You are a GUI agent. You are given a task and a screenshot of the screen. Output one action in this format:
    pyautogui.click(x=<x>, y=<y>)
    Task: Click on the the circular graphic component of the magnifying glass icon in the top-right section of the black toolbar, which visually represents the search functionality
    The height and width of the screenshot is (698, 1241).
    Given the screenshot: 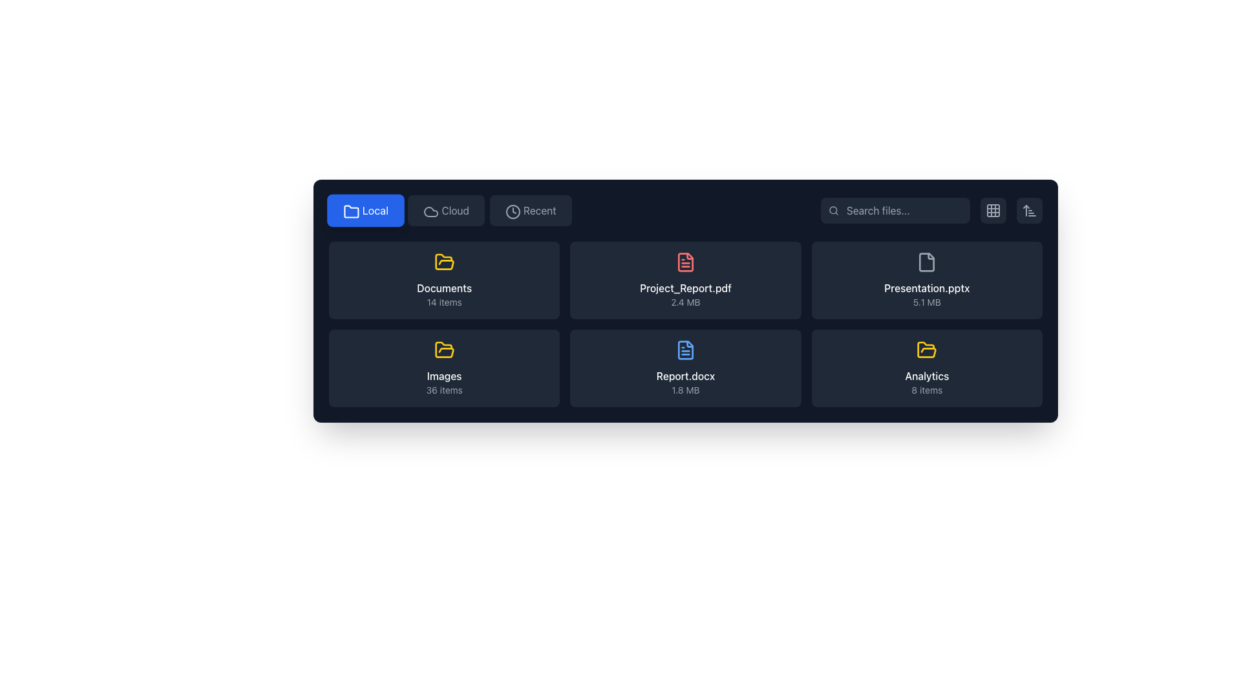 What is the action you would take?
    pyautogui.click(x=833, y=209)
    